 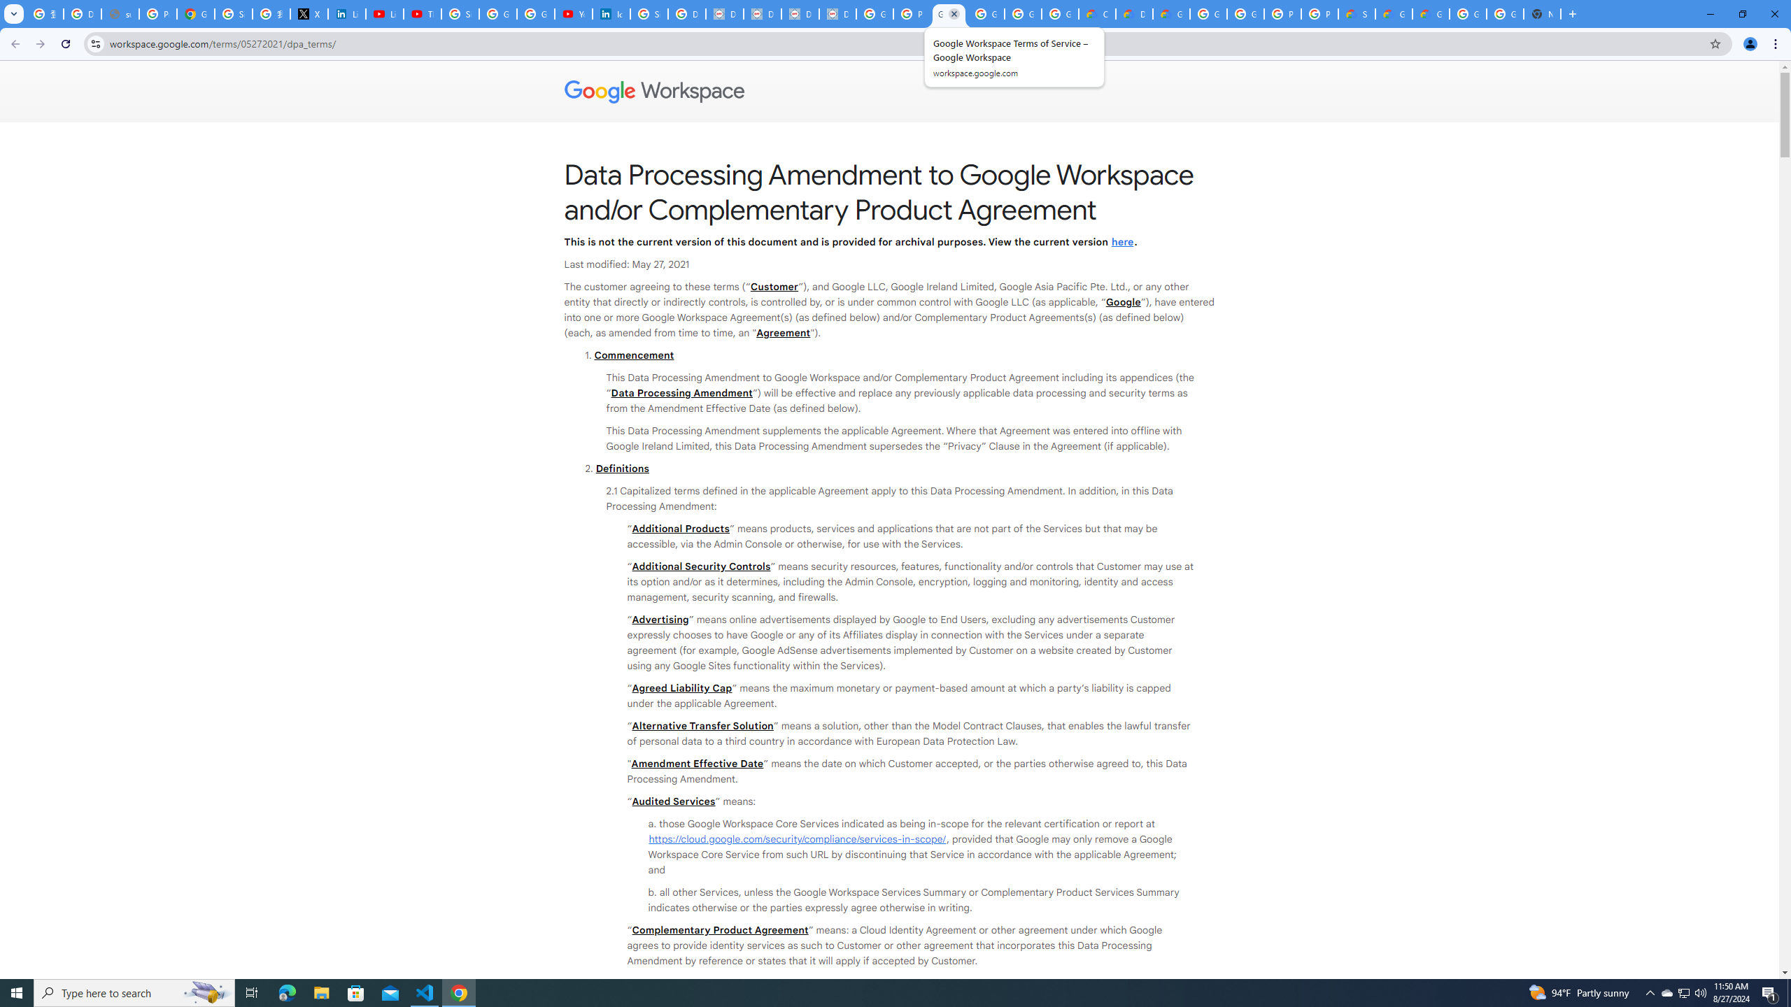 What do you see at coordinates (1121, 241) in the screenshot?
I see `'here'` at bounding box center [1121, 241].